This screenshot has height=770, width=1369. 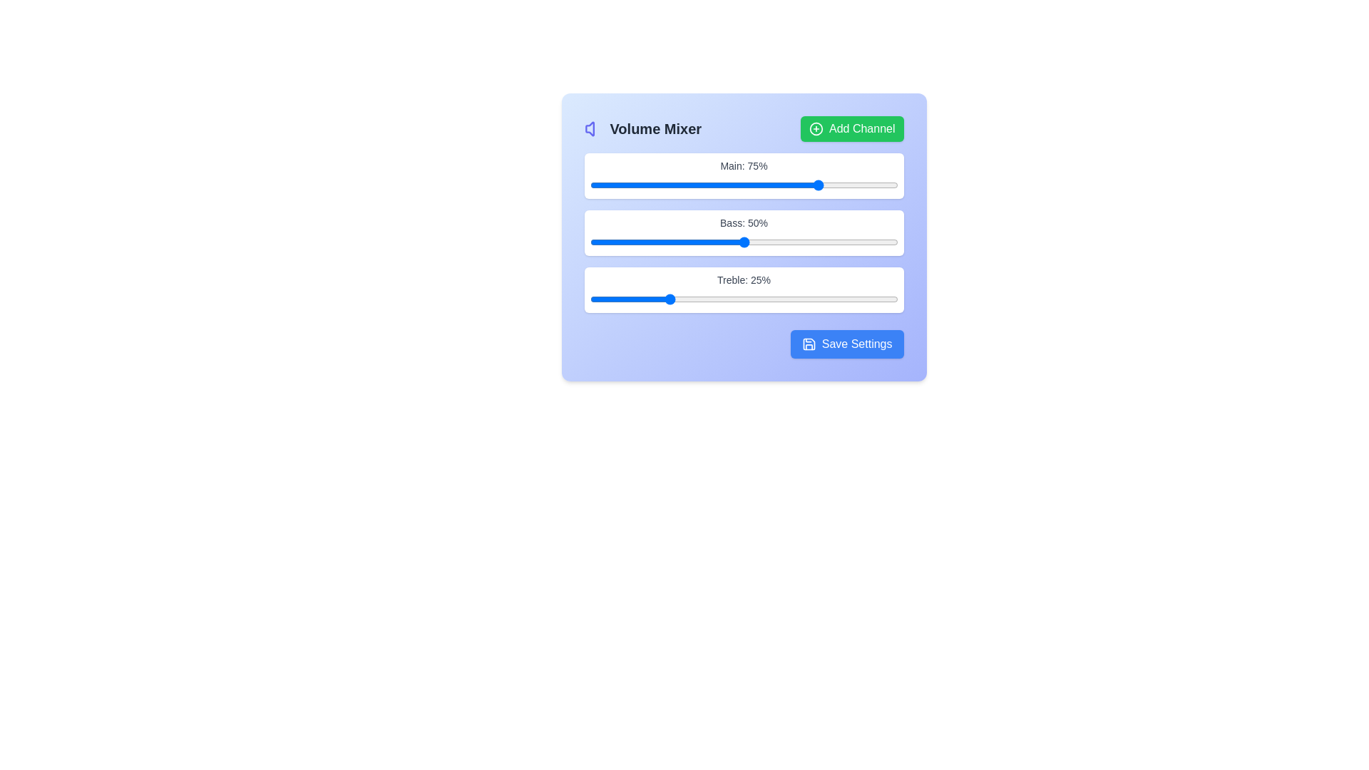 What do you see at coordinates (645, 184) in the screenshot?
I see `the main volume` at bounding box center [645, 184].